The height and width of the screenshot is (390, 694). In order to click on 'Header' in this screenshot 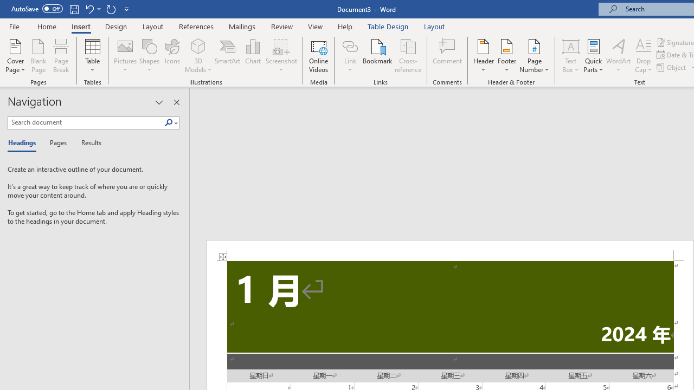, I will do `click(483, 56)`.